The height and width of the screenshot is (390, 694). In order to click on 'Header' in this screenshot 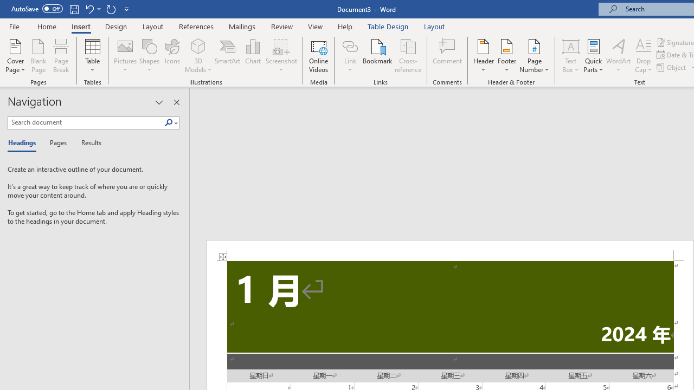, I will do `click(483, 56)`.